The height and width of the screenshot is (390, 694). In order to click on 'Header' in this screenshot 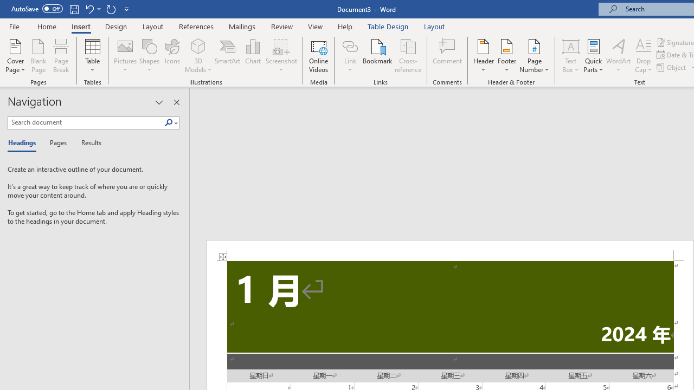, I will do `click(483, 56)`.